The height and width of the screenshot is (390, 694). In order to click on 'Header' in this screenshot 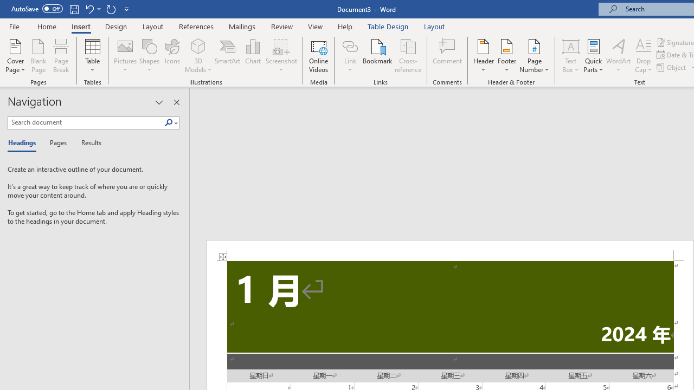, I will do `click(483, 56)`.